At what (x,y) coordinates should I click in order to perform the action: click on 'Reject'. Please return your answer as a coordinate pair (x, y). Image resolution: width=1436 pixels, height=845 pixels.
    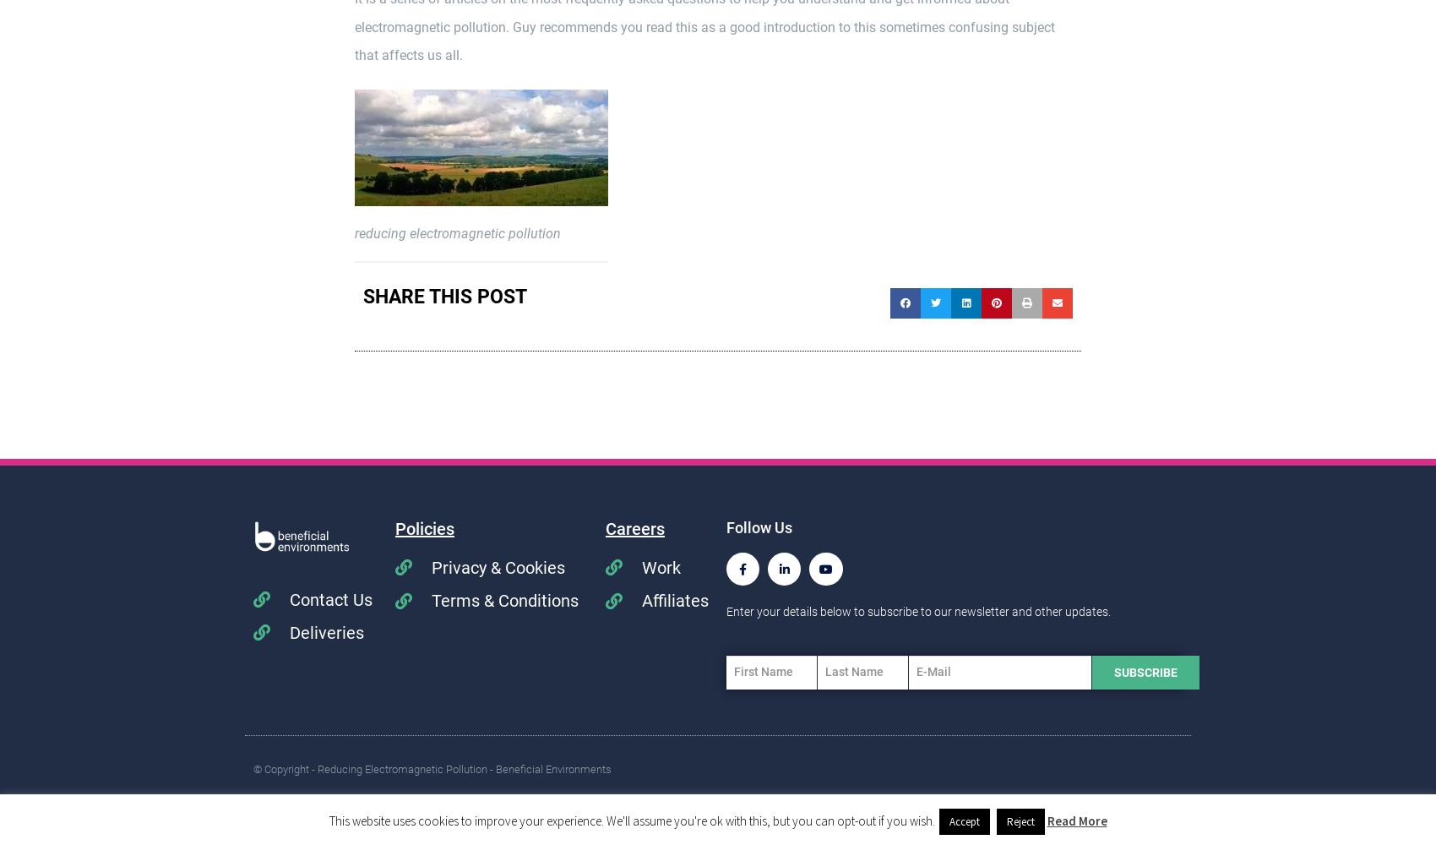
    Looking at the image, I should click on (1005, 820).